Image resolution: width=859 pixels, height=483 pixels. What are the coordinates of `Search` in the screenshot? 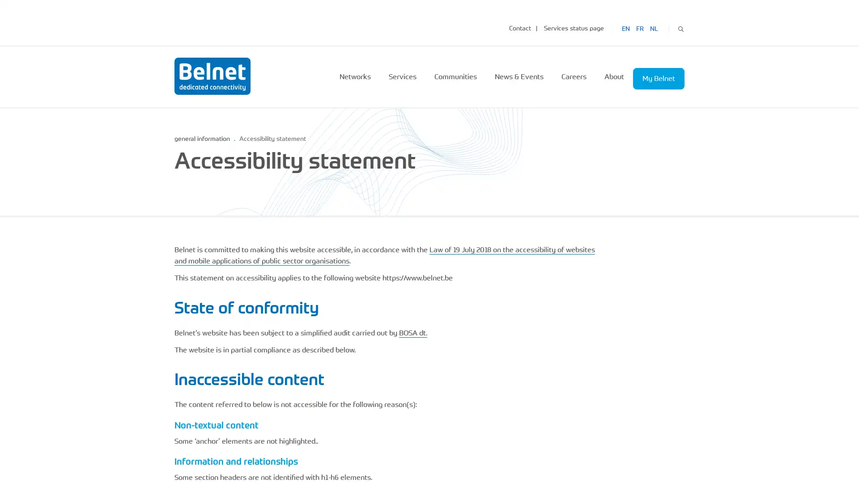 It's located at (680, 27).